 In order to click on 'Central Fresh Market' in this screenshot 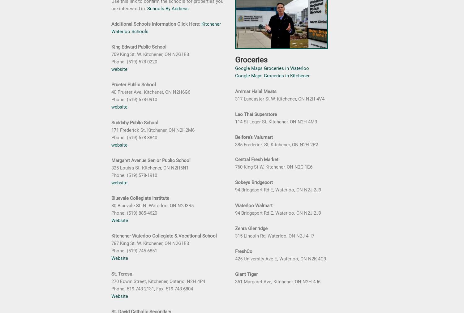, I will do `click(235, 159)`.